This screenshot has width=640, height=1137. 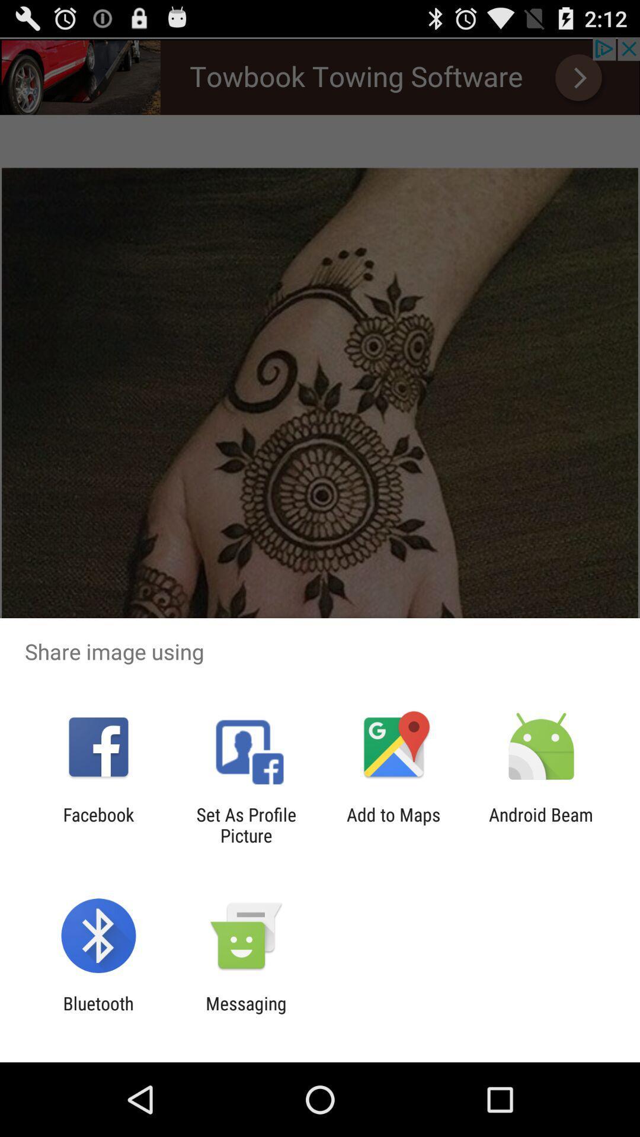 I want to click on the set as profile, so click(x=245, y=824).